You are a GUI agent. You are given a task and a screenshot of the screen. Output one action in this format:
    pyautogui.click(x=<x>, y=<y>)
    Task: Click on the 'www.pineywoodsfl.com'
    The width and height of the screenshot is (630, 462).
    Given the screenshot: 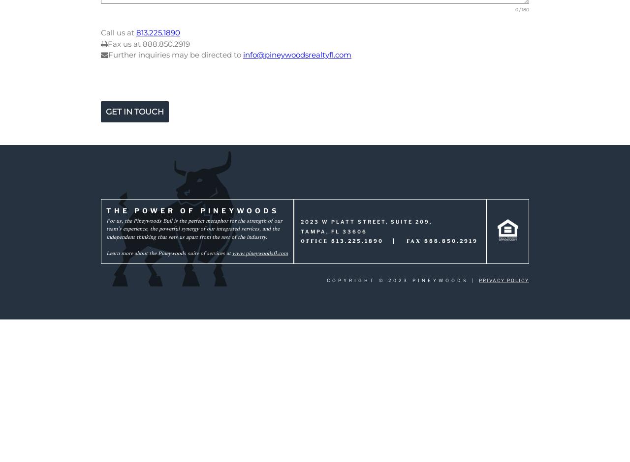 What is the action you would take?
    pyautogui.click(x=260, y=252)
    